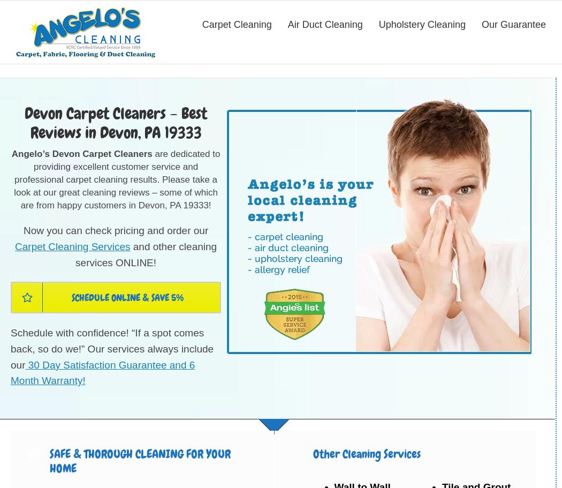 Image resolution: width=562 pixels, height=488 pixels. I want to click on 'Other Cleaning Services', so click(366, 454).